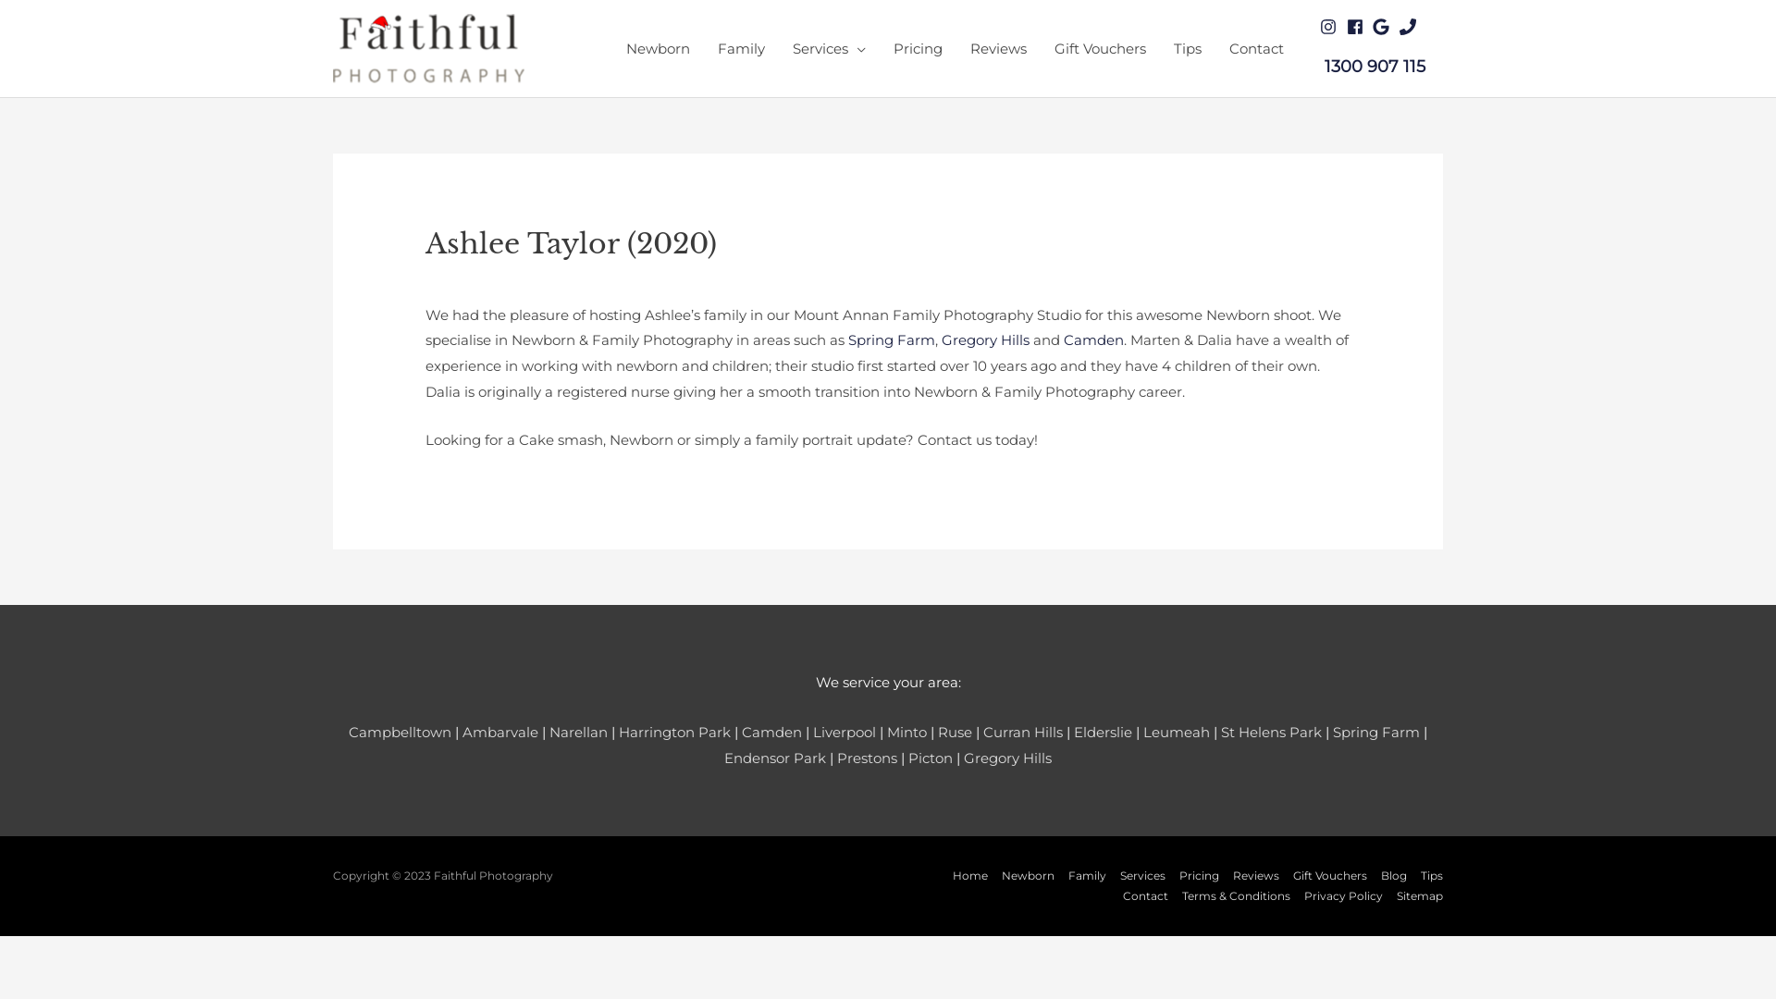  I want to click on 'Harrington Park', so click(673, 731).